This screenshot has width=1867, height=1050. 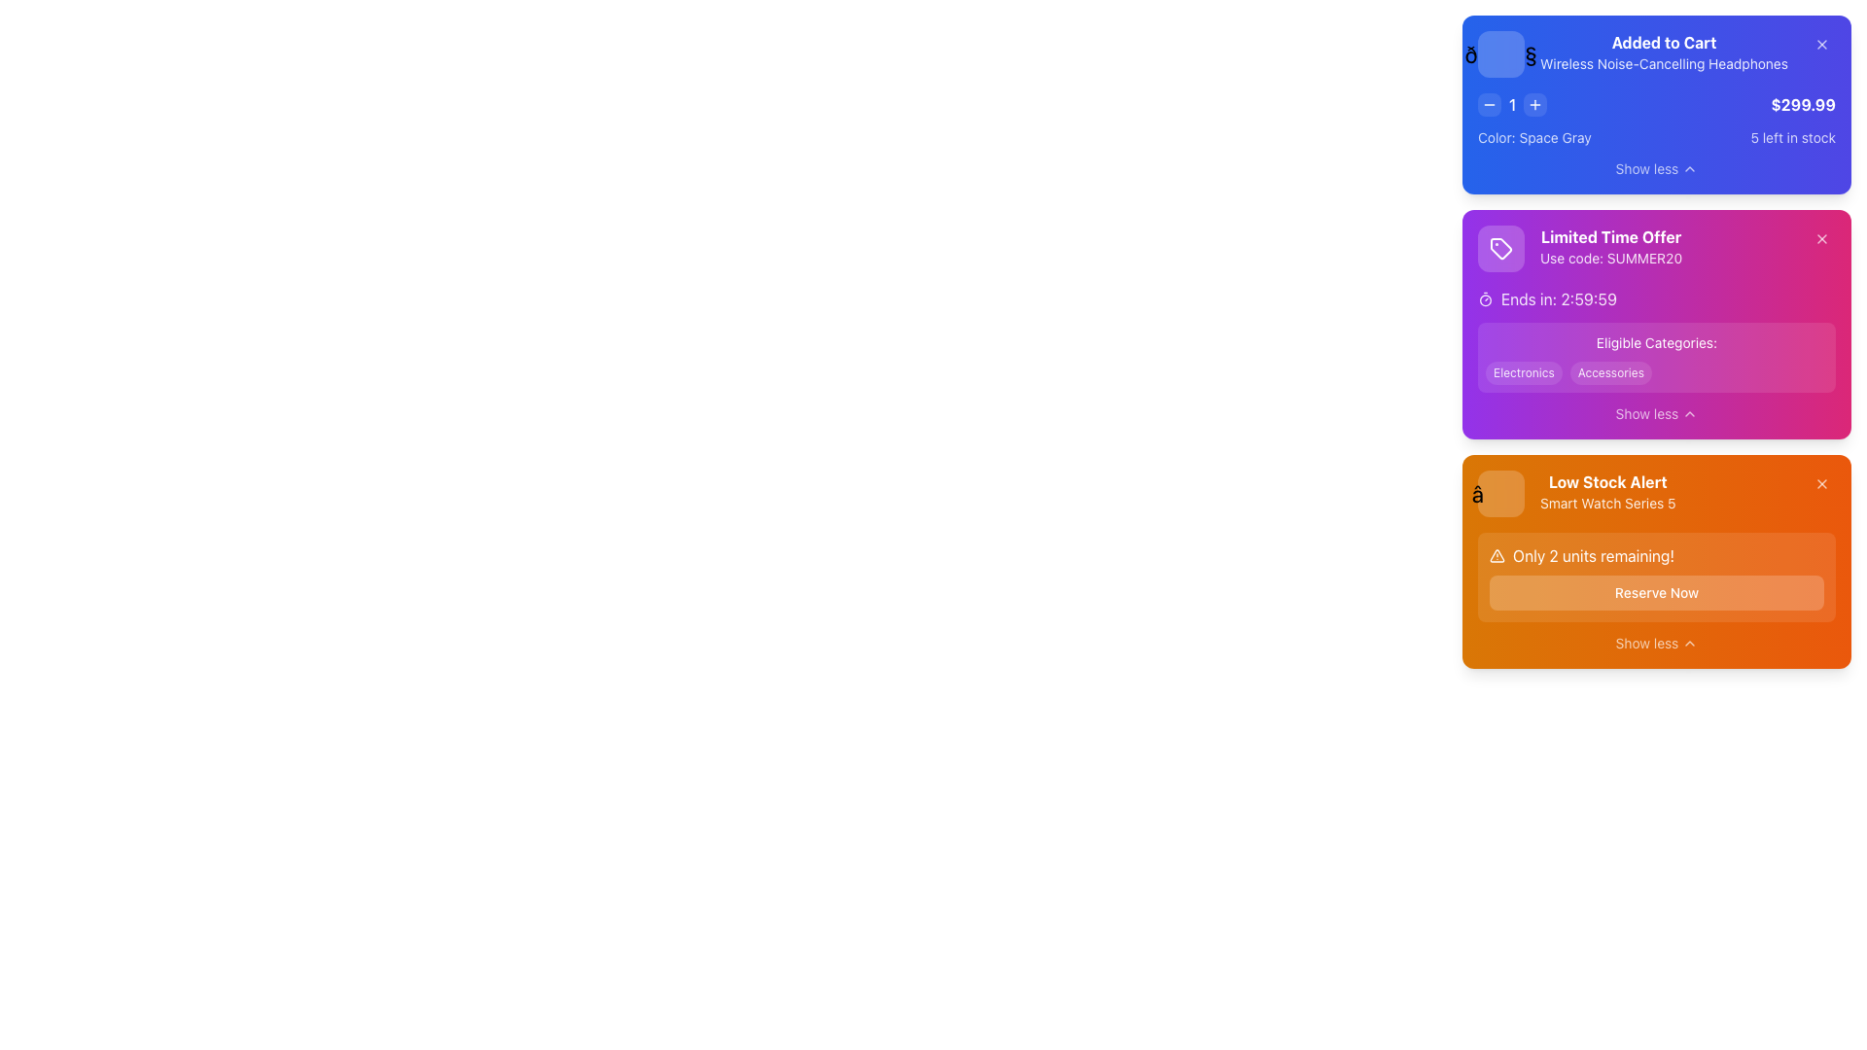 What do you see at coordinates (1533, 137) in the screenshot?
I see `the text label saying 'Color: Space Gray', which is styled in light blue and located on the blue card labeled 'Added to Cart', adjacent to '5 left in stock'` at bounding box center [1533, 137].